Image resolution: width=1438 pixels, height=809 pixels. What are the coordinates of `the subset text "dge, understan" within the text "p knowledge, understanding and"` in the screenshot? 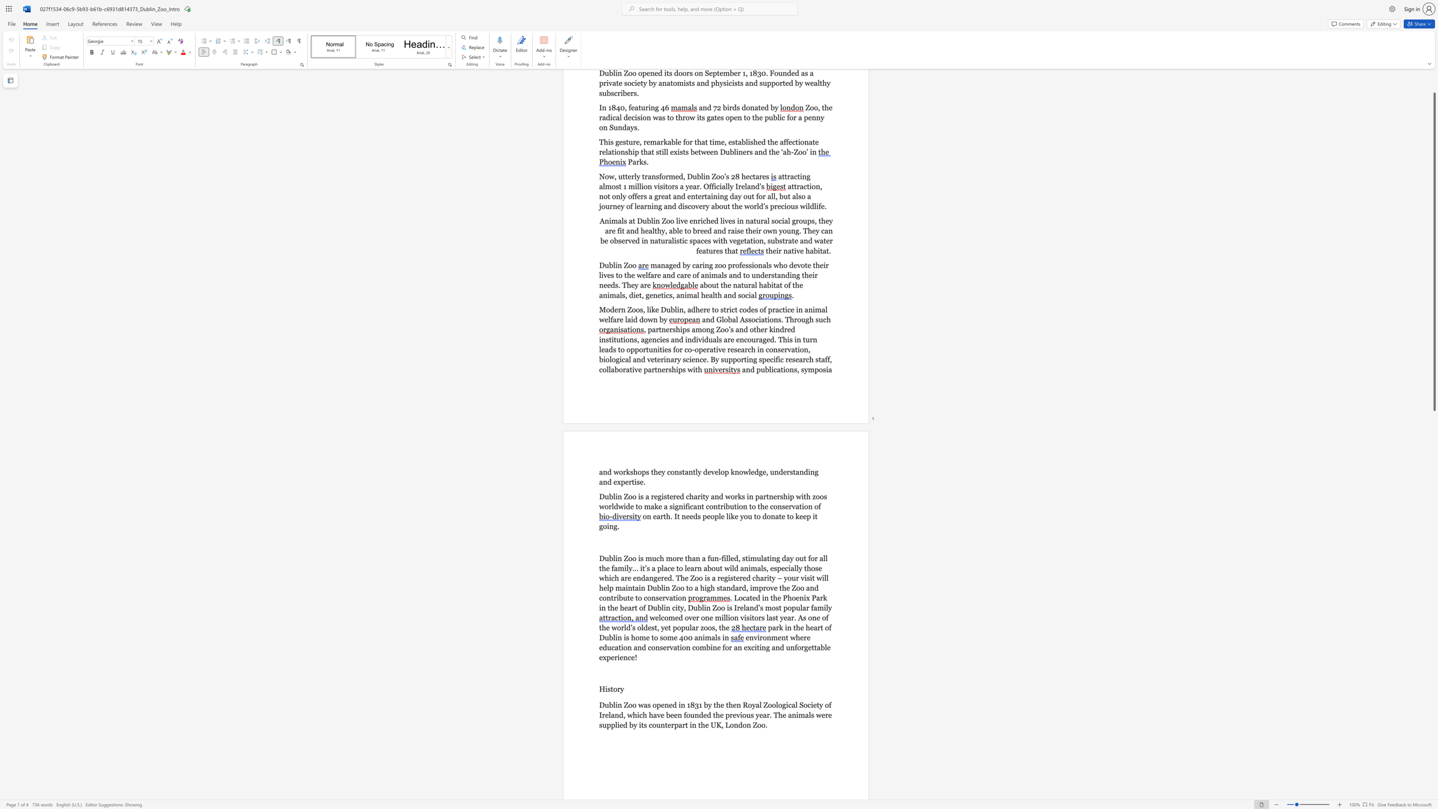 It's located at (754, 472).